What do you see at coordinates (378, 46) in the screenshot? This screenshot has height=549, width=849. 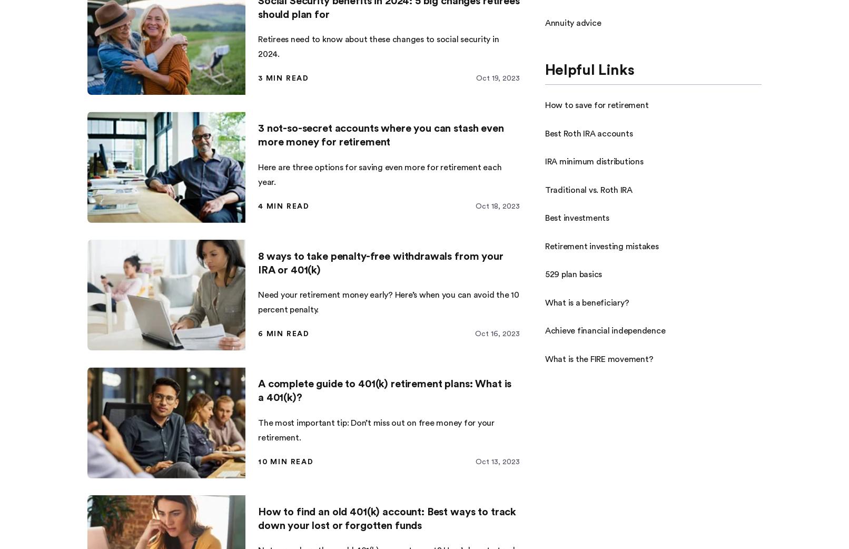 I see `'Retirees need to know about these changes to social security in 2024.'` at bounding box center [378, 46].